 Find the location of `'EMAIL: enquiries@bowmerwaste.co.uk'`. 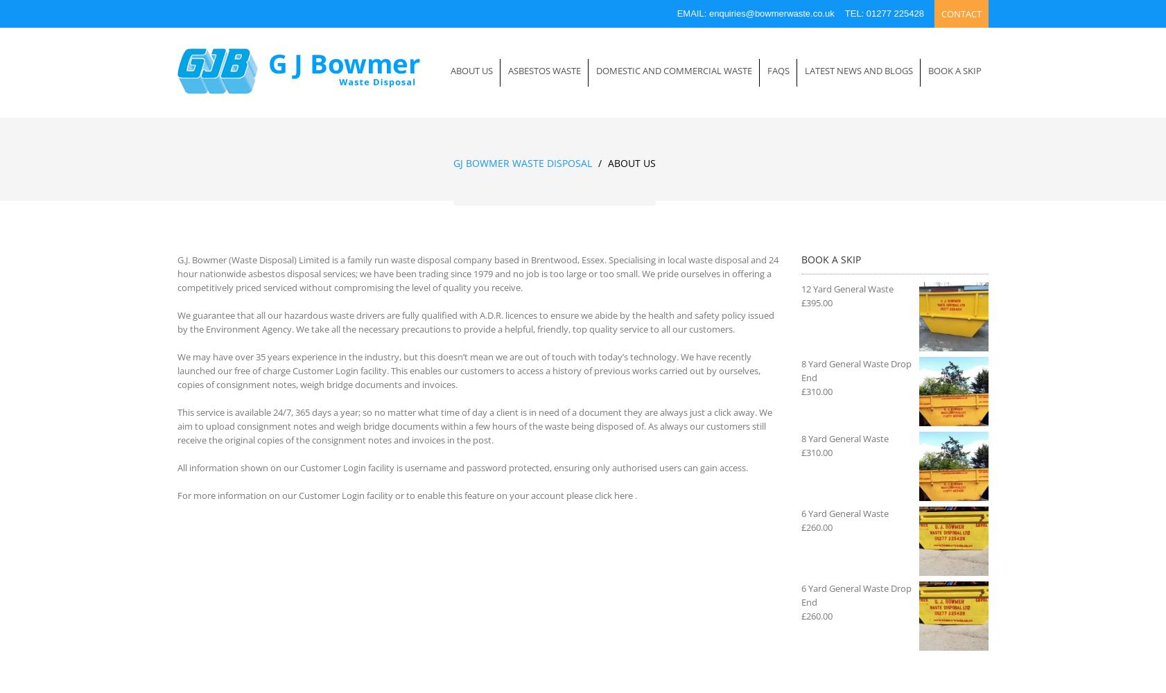

'EMAIL: enquiries@bowmerwaste.co.uk' is located at coordinates (676, 13).